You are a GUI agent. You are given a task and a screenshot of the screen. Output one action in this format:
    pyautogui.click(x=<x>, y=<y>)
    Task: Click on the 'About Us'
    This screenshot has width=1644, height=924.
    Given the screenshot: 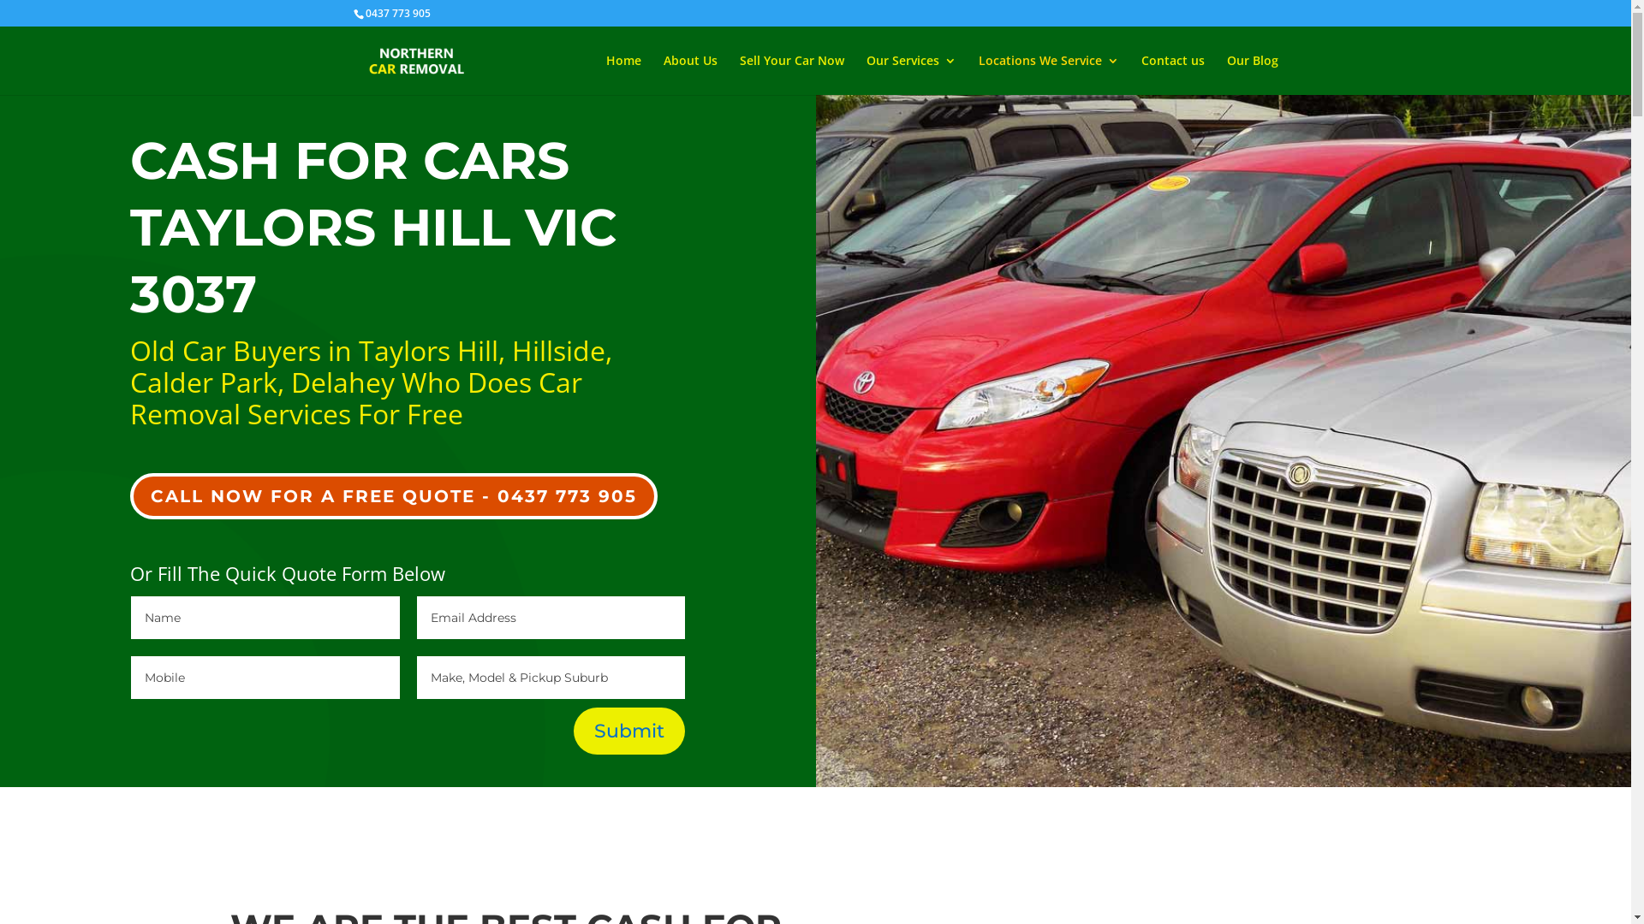 What is the action you would take?
    pyautogui.click(x=689, y=74)
    